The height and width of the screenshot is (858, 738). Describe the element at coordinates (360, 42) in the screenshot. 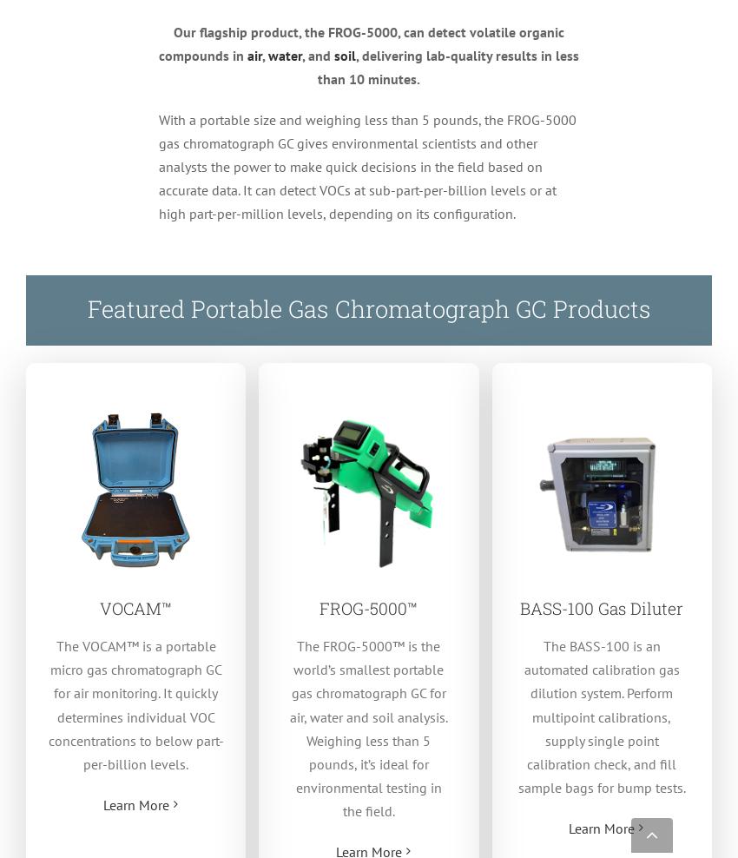

I see `'Our flagship product, the FROG-5000, can detect volatile organic compounds in'` at that location.